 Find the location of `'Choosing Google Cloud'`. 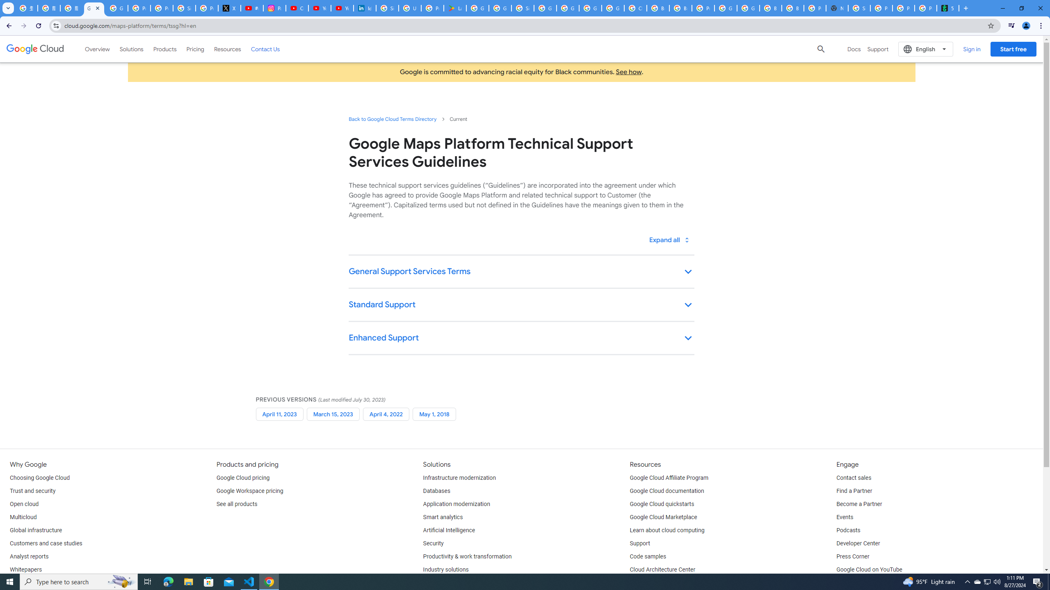

'Choosing Google Cloud' is located at coordinates (40, 478).